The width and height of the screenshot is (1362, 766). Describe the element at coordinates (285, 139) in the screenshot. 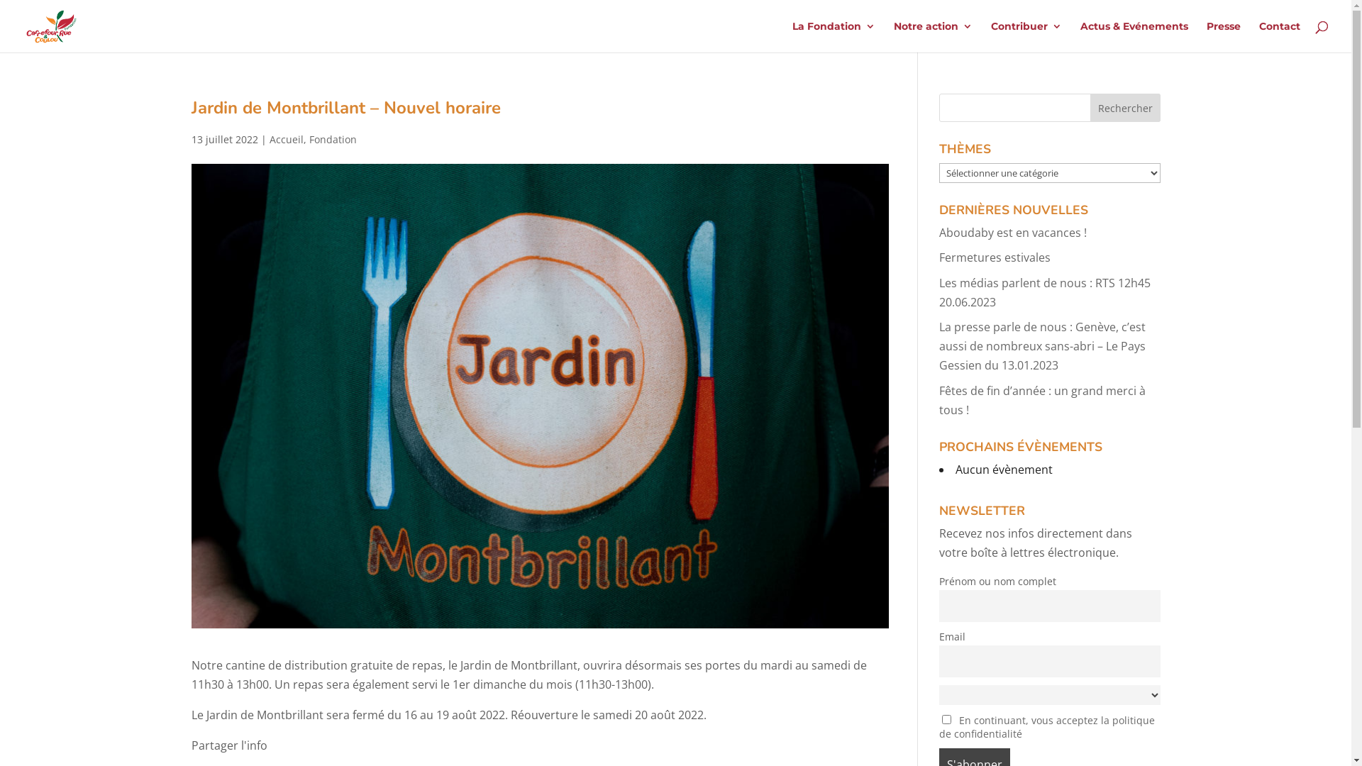

I see `'Accueil'` at that location.